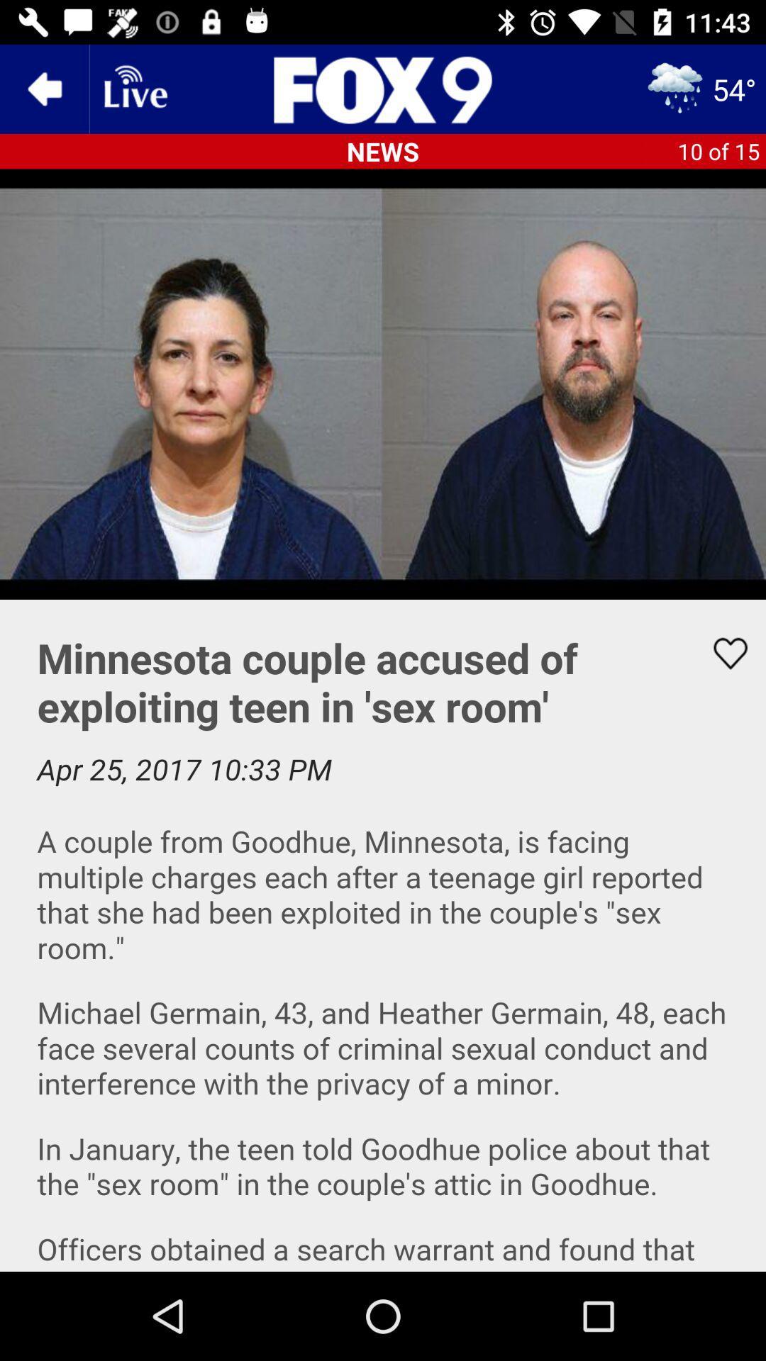  What do you see at coordinates (383, 936) in the screenshot?
I see `open full article` at bounding box center [383, 936].